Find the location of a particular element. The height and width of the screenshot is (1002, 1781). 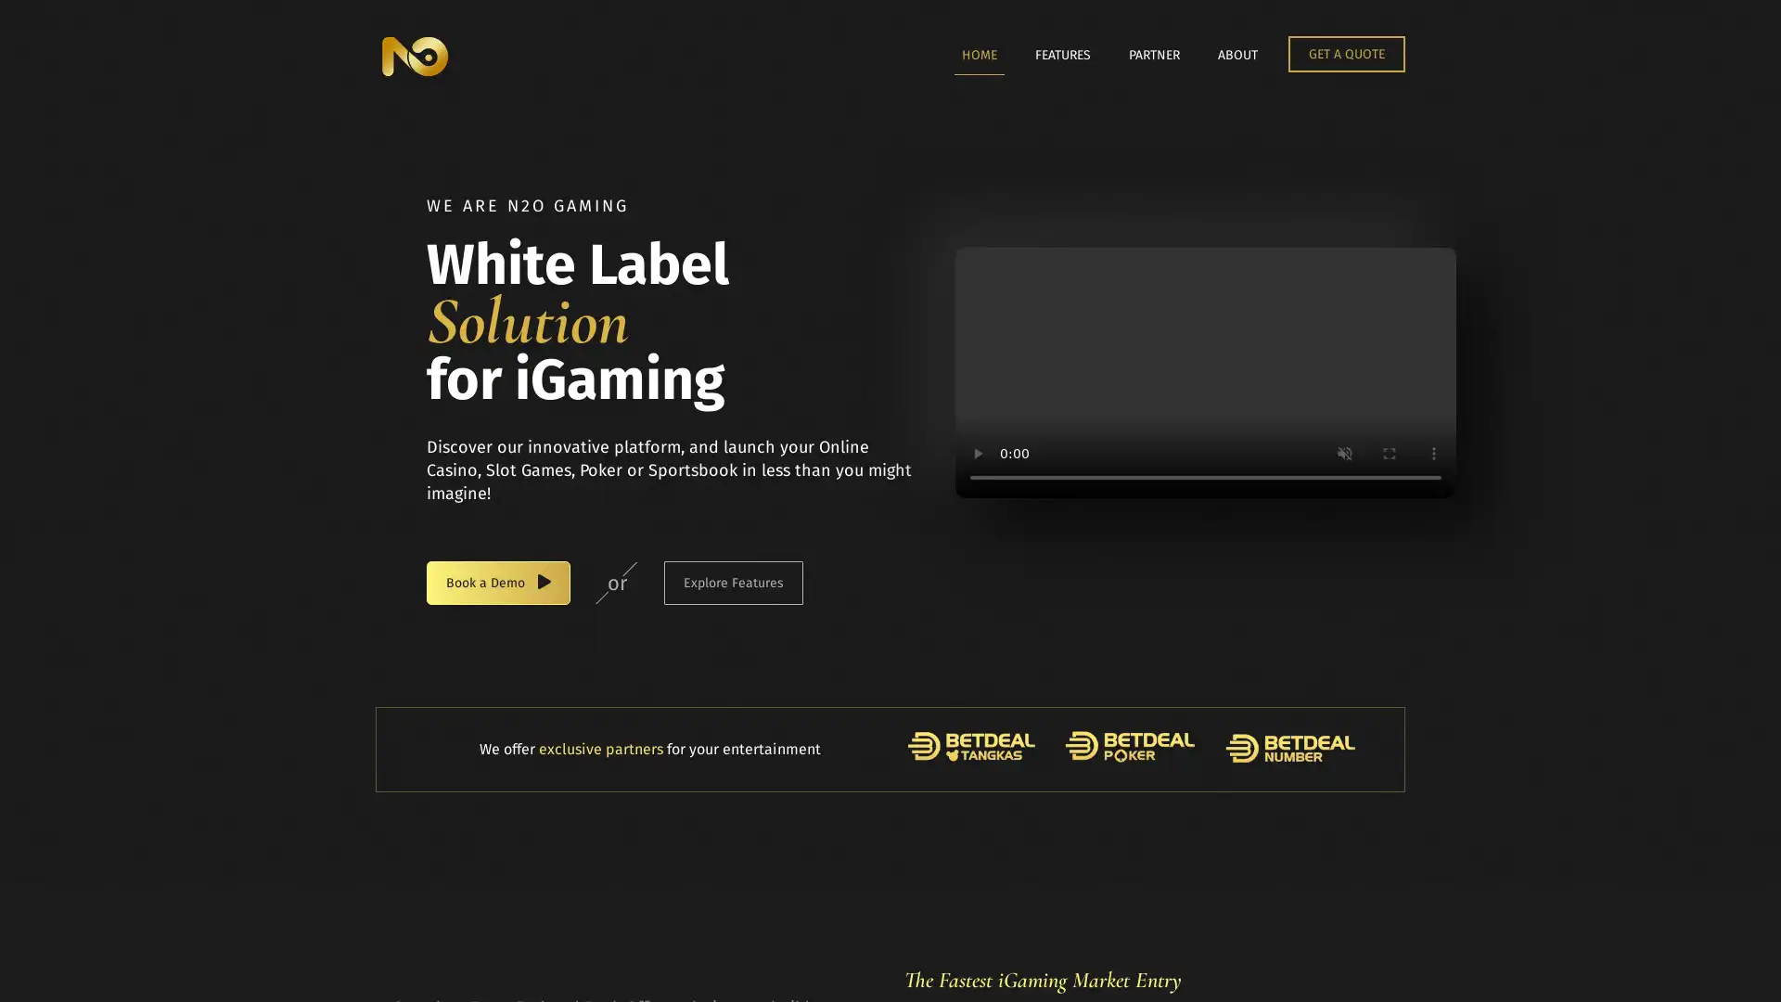

enter full screen is located at coordinates (1389, 454).